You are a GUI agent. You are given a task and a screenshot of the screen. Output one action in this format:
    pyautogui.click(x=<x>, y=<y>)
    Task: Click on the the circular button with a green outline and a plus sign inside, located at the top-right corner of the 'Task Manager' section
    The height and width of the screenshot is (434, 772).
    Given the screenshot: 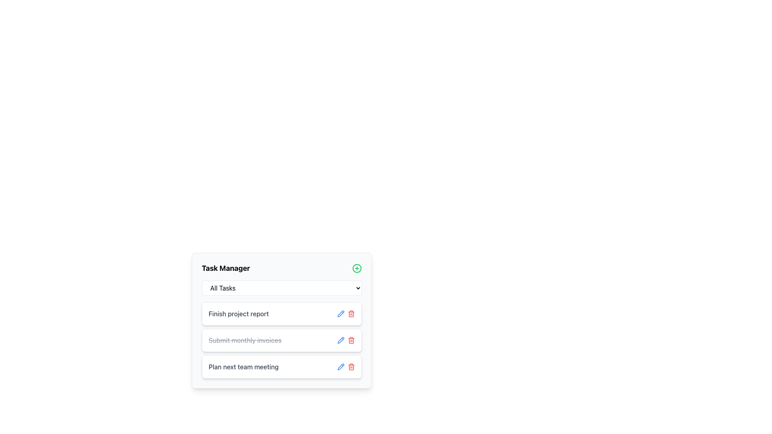 What is the action you would take?
    pyautogui.click(x=357, y=268)
    